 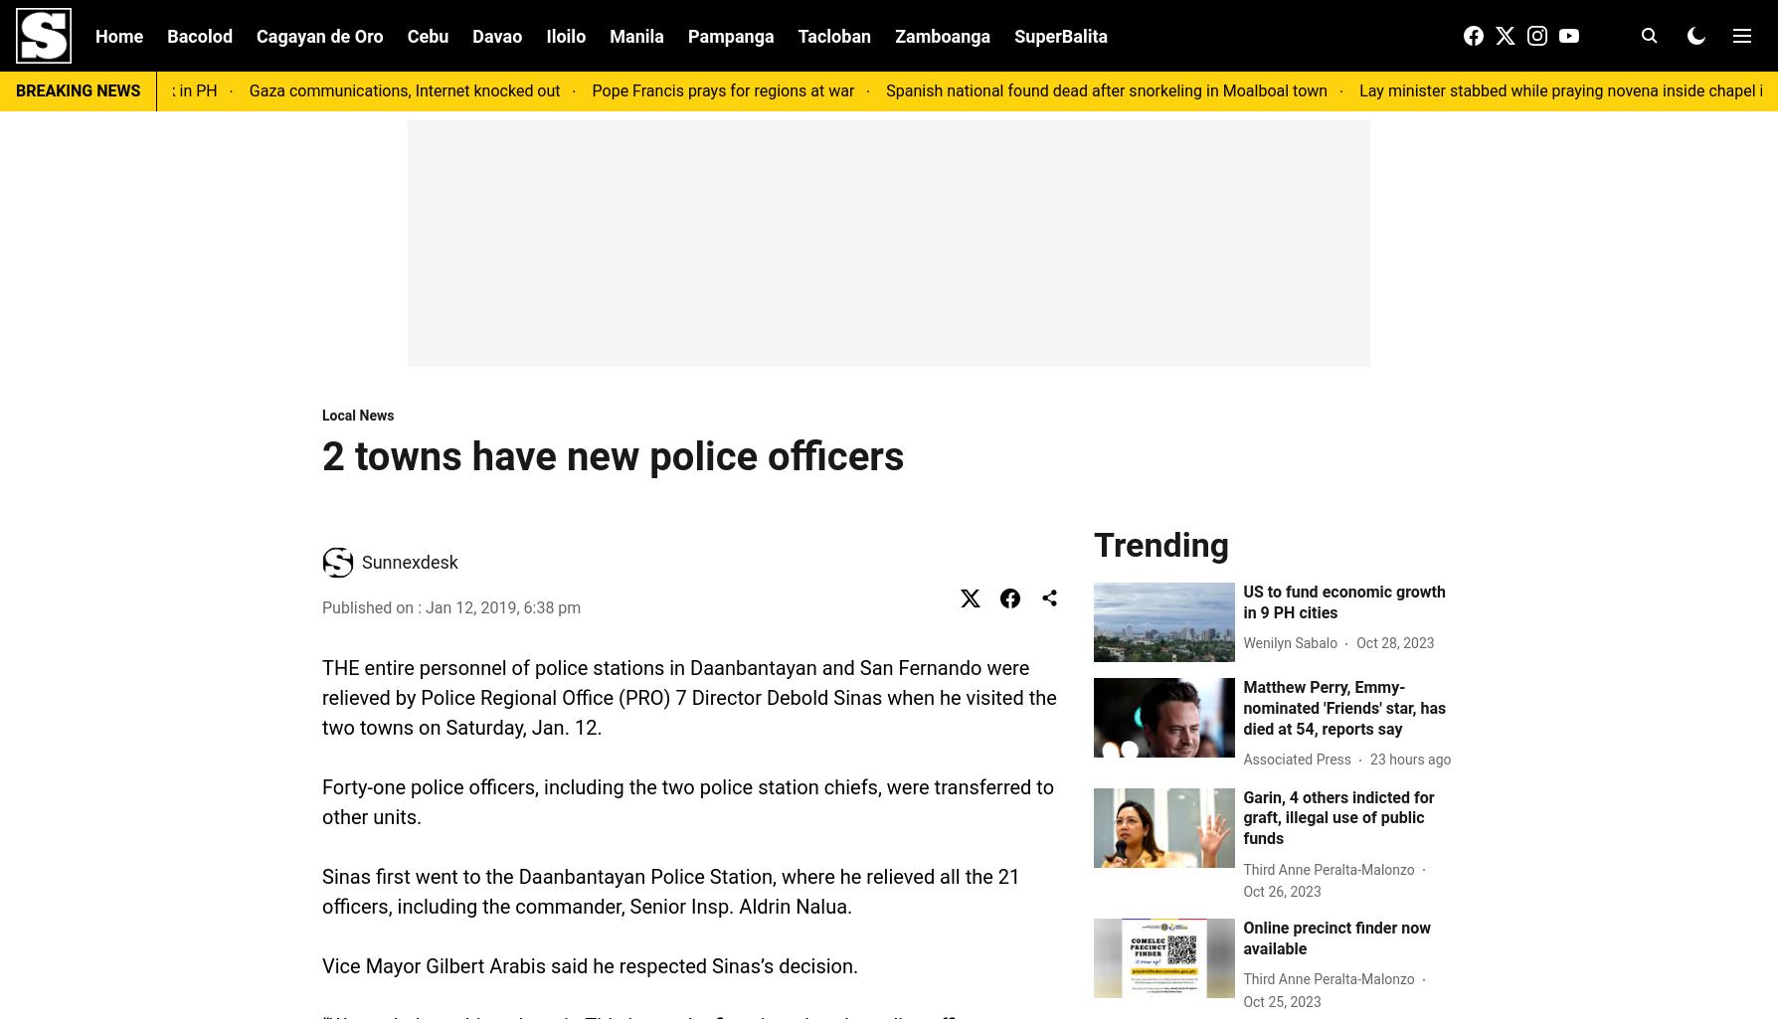 I want to click on 'Sinas first went to the Daanbantayan Police Station, where he relieved all the 21 officers, including the commander, Senior Insp. Aldrin Nalua.', so click(x=669, y=890).